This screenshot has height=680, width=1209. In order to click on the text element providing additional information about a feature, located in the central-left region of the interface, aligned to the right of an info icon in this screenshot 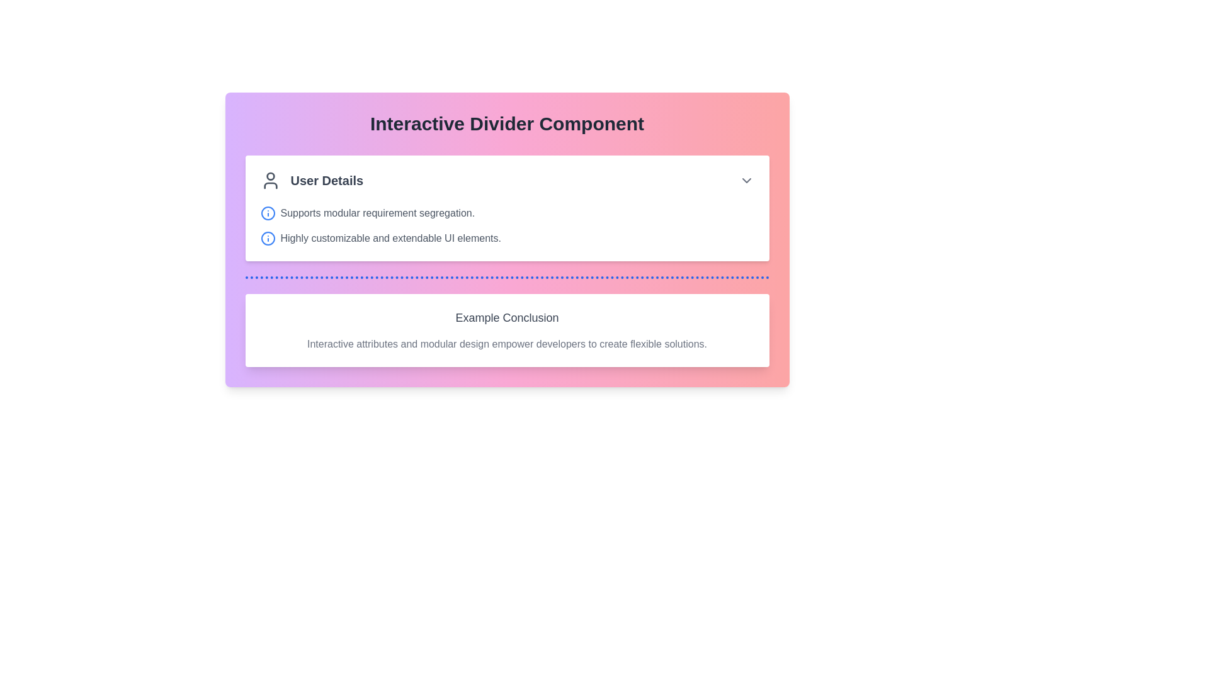, I will do `click(377, 213)`.